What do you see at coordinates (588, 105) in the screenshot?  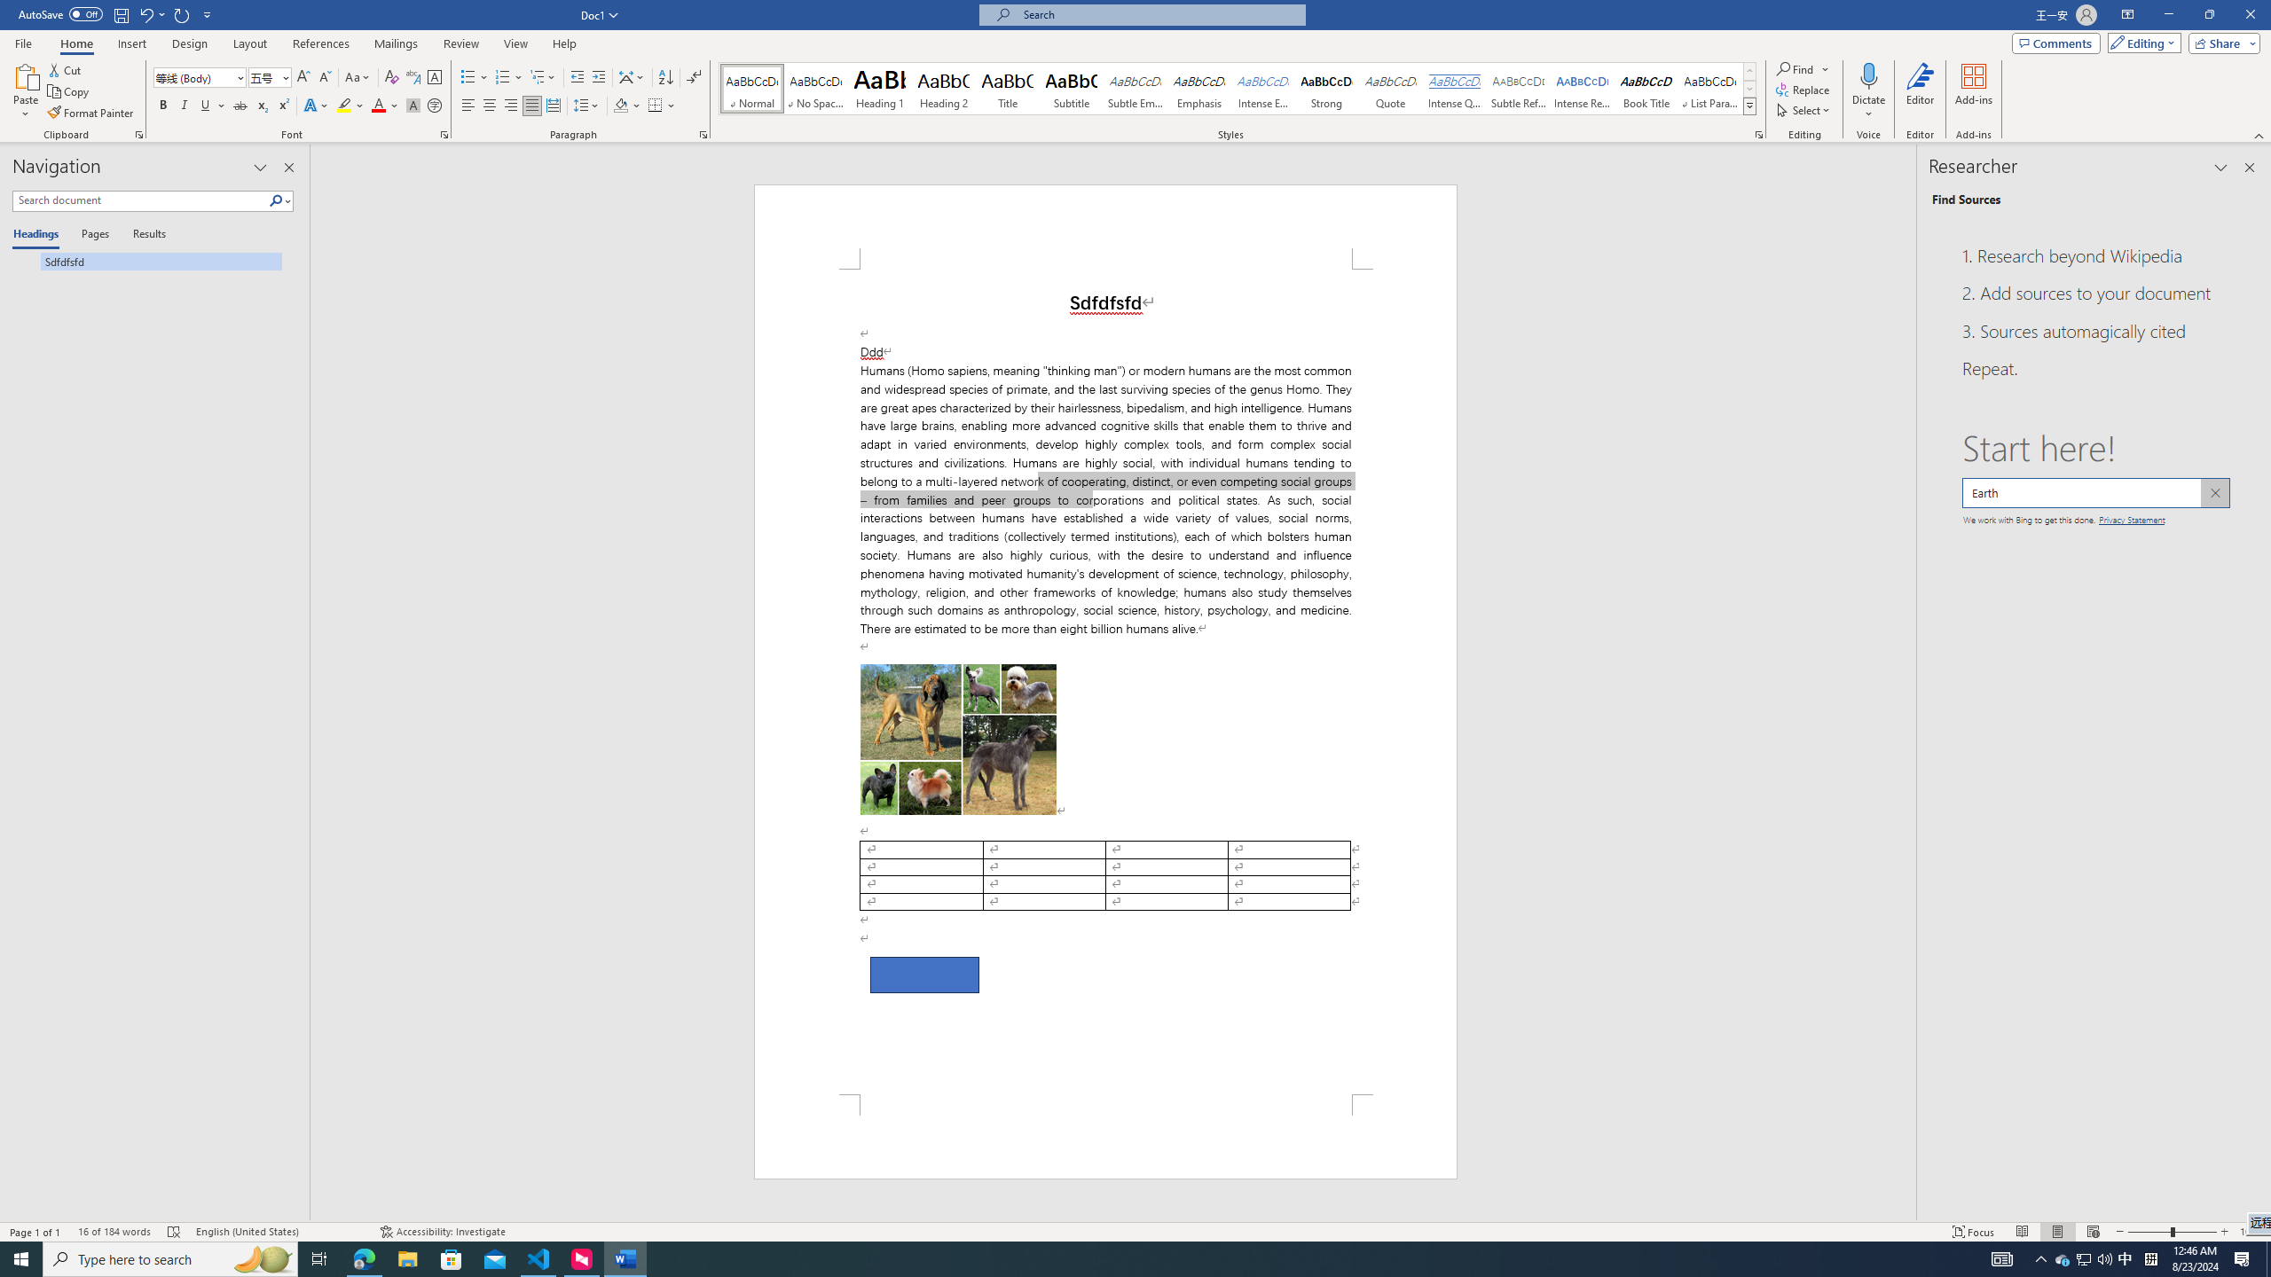 I see `'Line and Paragraph Spacing'` at bounding box center [588, 105].